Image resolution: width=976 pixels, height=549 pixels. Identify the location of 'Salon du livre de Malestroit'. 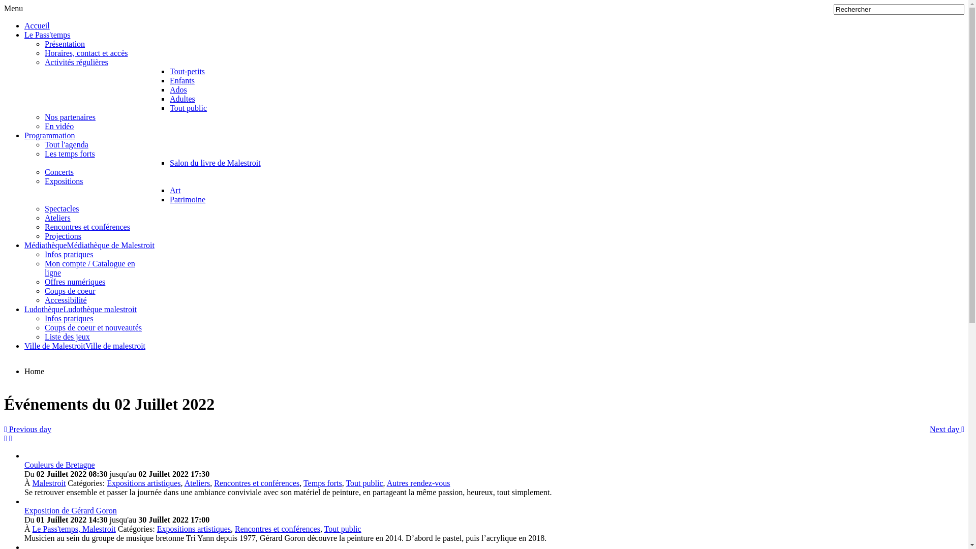
(215, 162).